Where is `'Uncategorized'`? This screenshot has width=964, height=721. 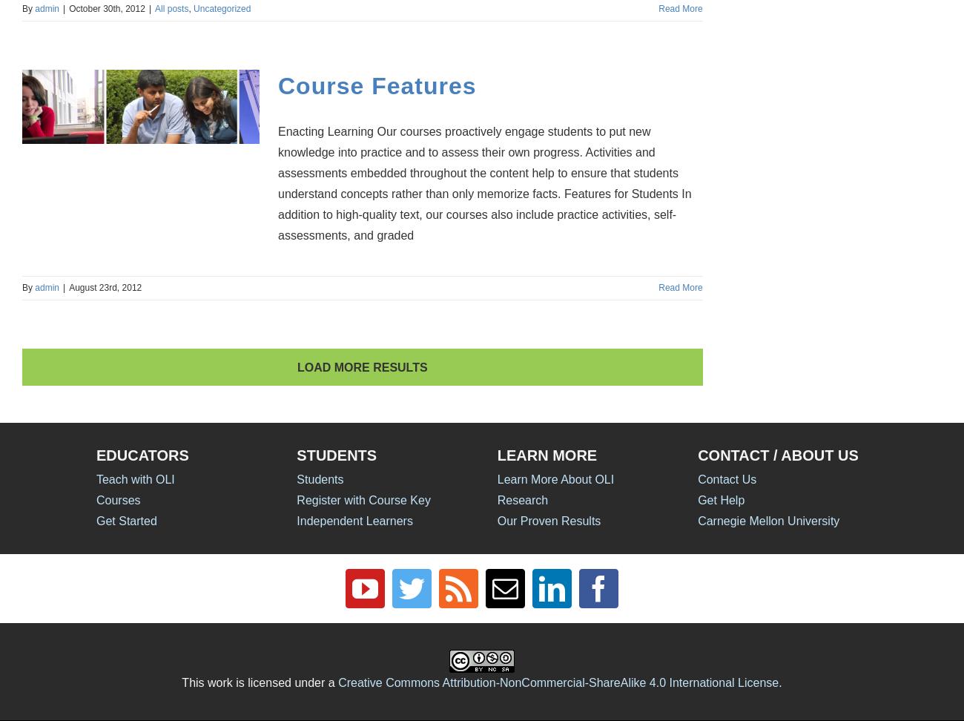 'Uncategorized' is located at coordinates (222, 7).